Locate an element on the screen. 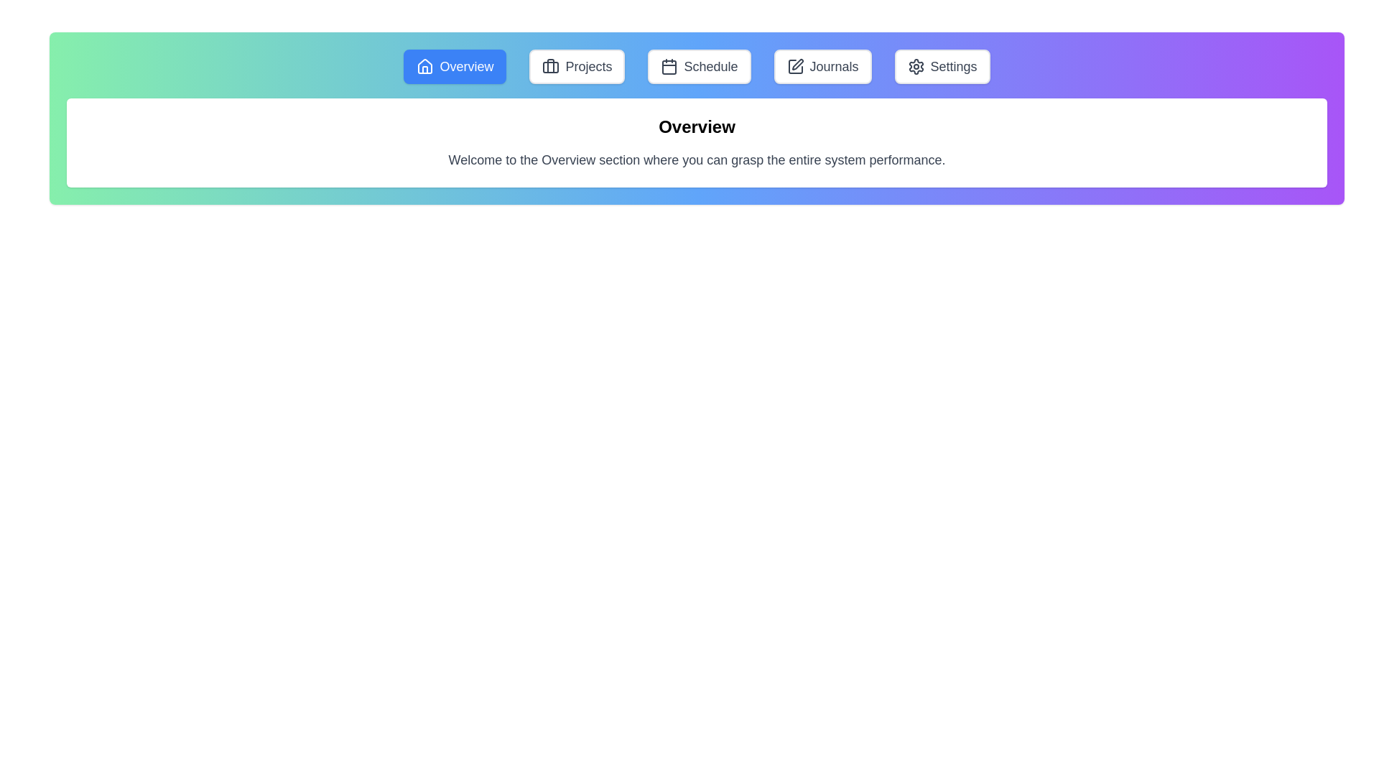  the rightmost navigation button in the navigation bar is located at coordinates (942, 66).